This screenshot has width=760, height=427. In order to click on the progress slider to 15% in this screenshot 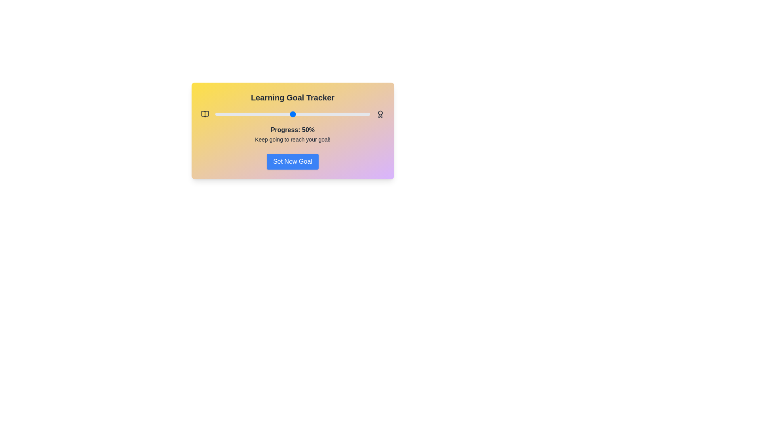, I will do `click(238, 114)`.